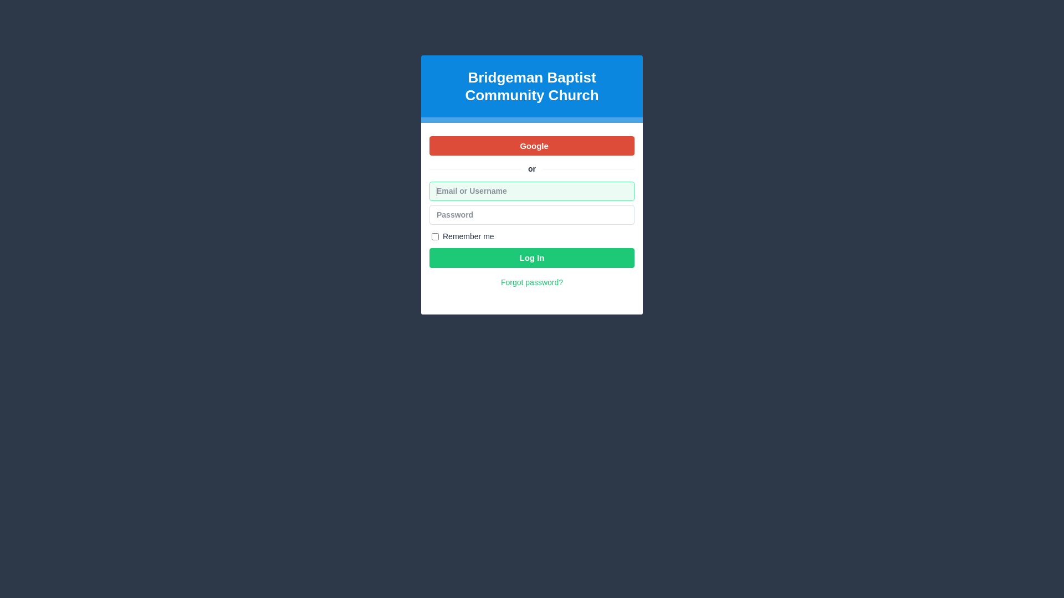  Describe the element at coordinates (532, 145) in the screenshot. I see `'Google'` at that location.